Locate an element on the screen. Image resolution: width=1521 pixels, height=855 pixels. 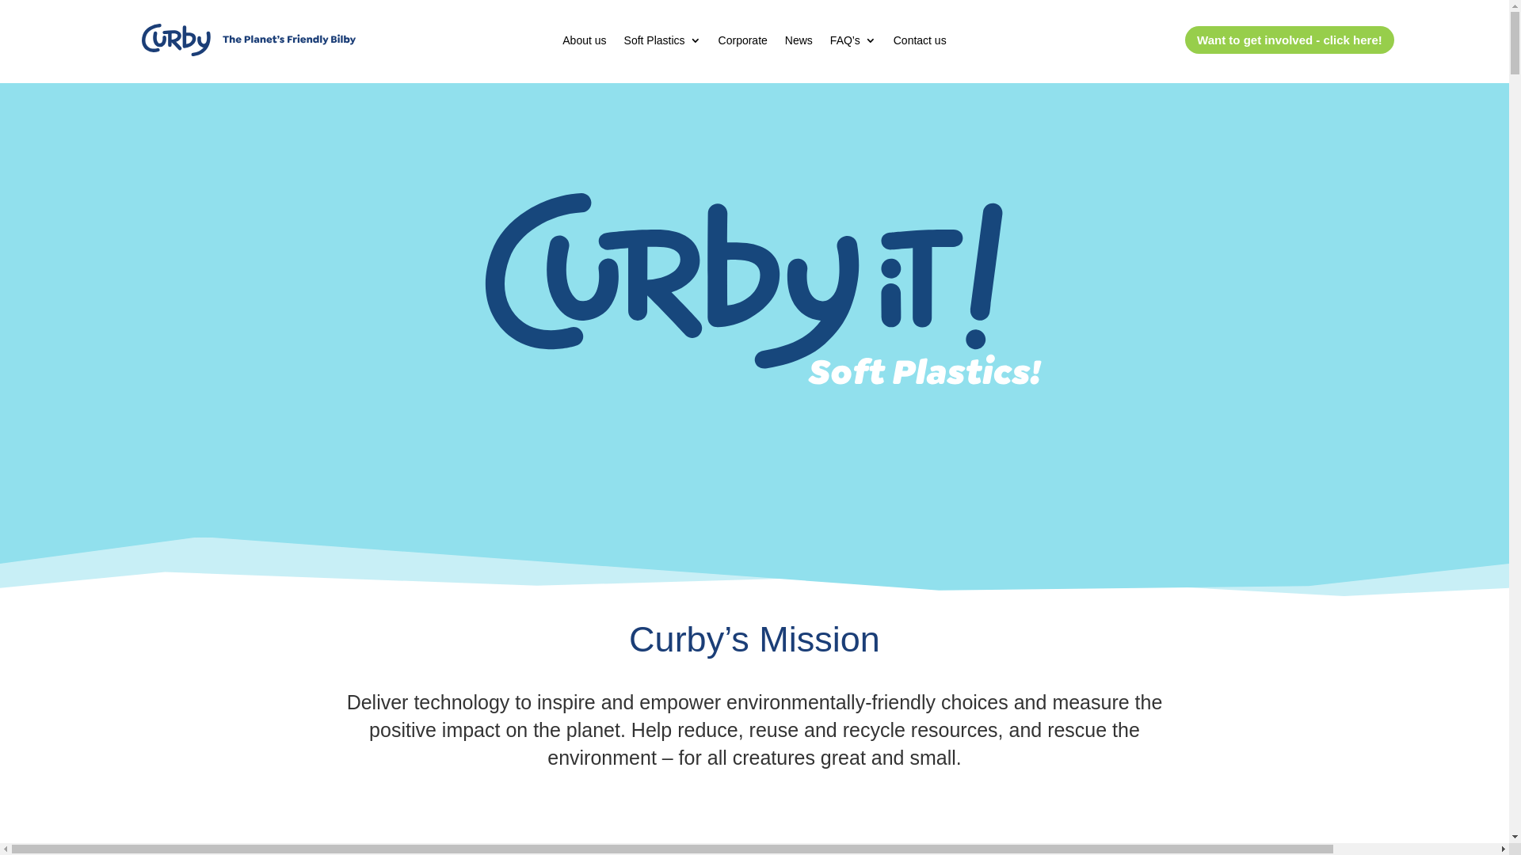
'Soft Plastics' is located at coordinates (662, 42).